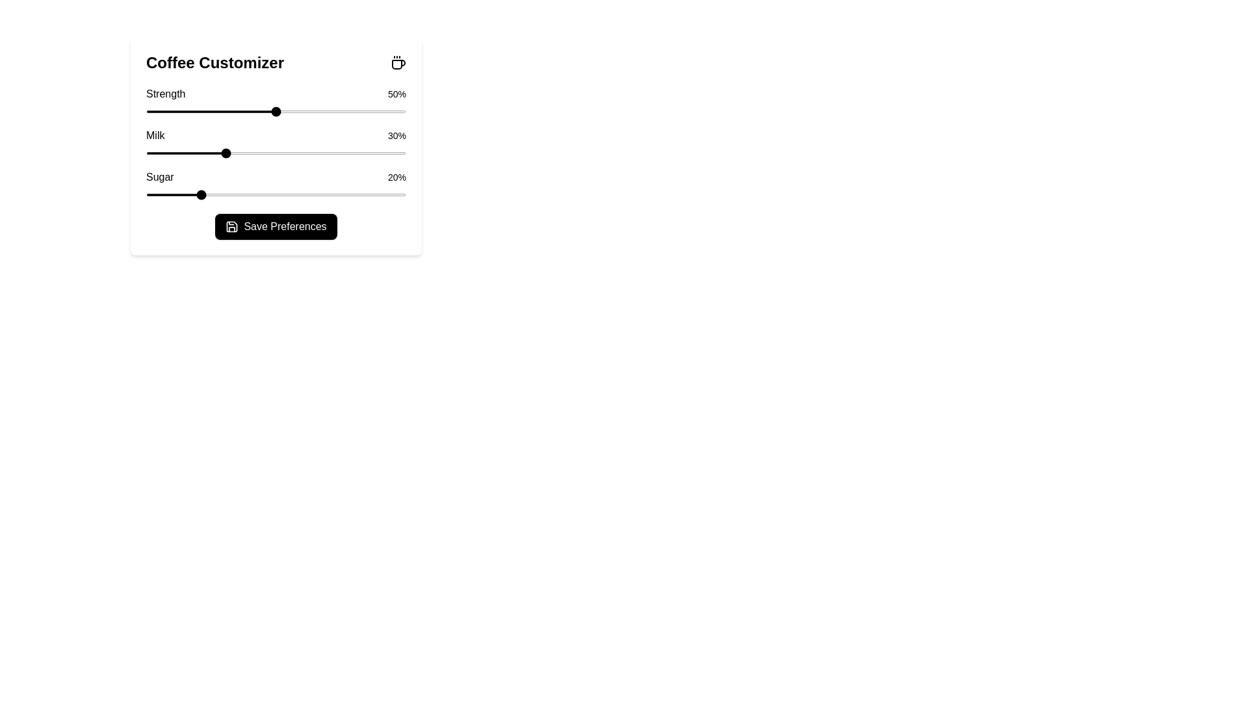  Describe the element at coordinates (165, 94) in the screenshot. I see `the bold black text label displaying 'Strength', which is located to the left of the slider component labeled '50%' in the Coffee Customizer section` at that location.